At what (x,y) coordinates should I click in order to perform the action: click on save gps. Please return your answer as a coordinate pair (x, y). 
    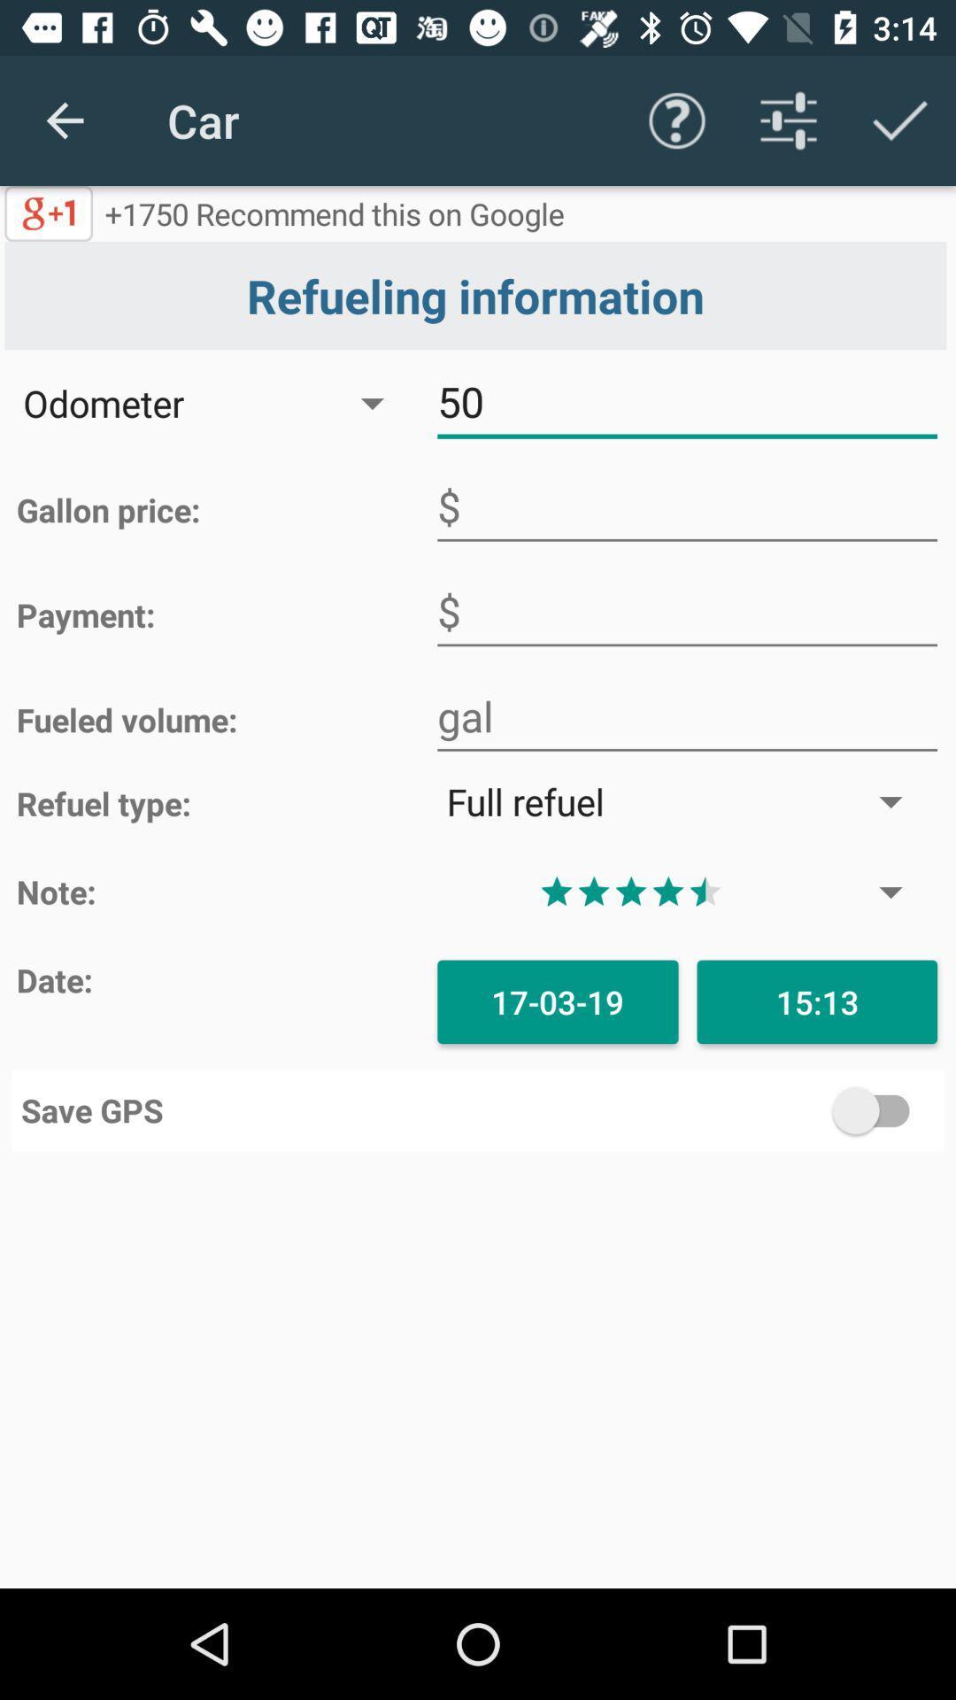
    Looking at the image, I should click on (705, 1109).